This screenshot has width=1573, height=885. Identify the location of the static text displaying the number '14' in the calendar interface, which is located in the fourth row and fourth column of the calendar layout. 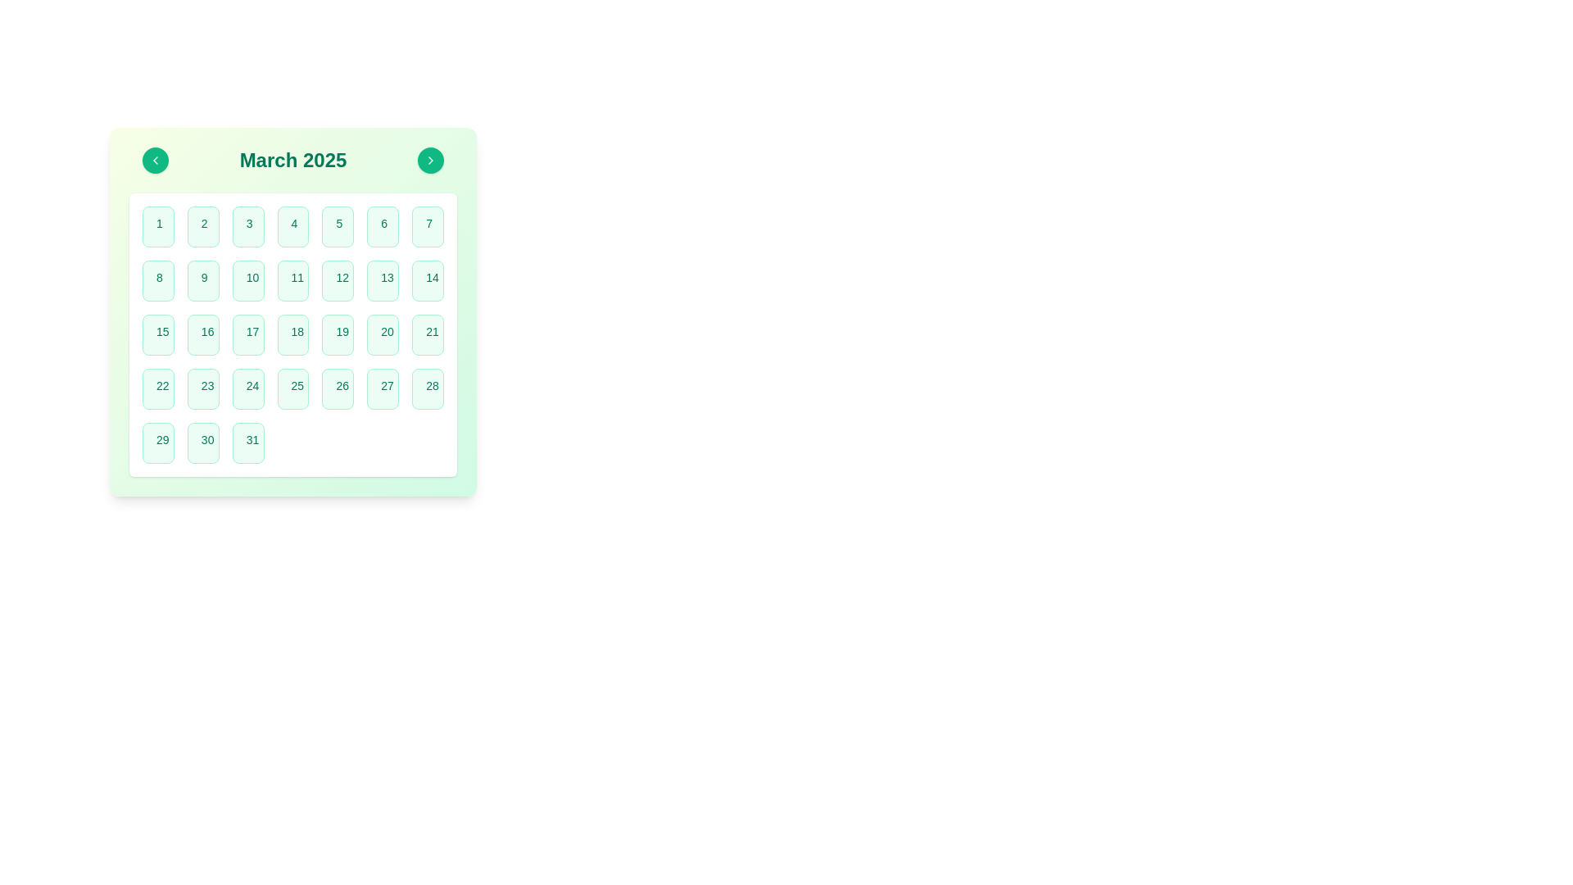
(433, 277).